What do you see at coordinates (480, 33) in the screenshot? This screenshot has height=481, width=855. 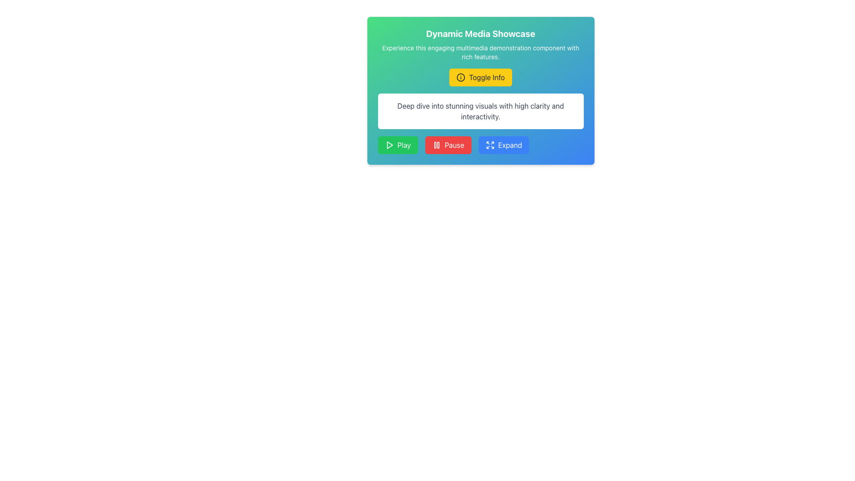 I see `text displayed in the text component showing 'Dynamic Media Showcase' in white, bold, and large font at the top of the section with a gradient background` at bounding box center [480, 33].